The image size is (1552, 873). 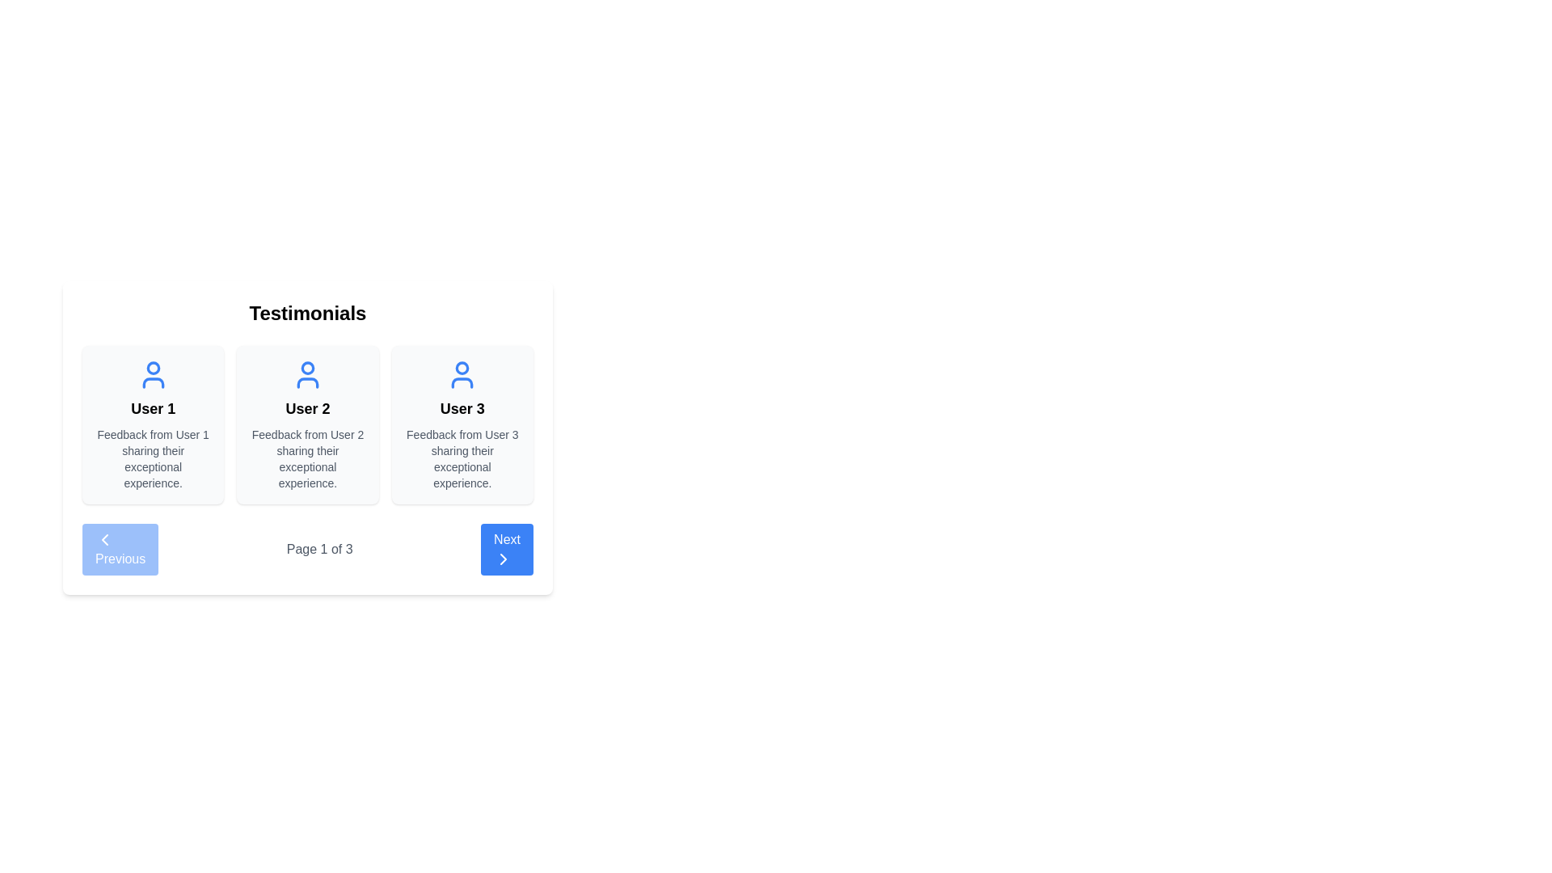 I want to click on information displayed on the testimonial card representing feedback from 'User 3', which is the third card in a row of three cards under the 'Testimonials' header, so click(x=462, y=424).